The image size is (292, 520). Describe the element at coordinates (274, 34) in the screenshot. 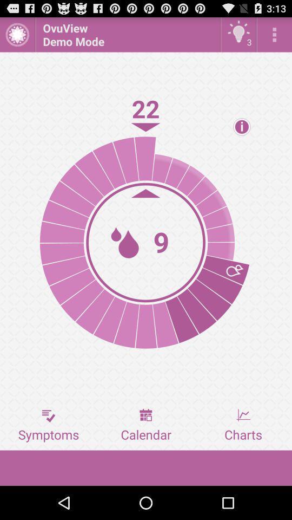

I see `more options` at that location.